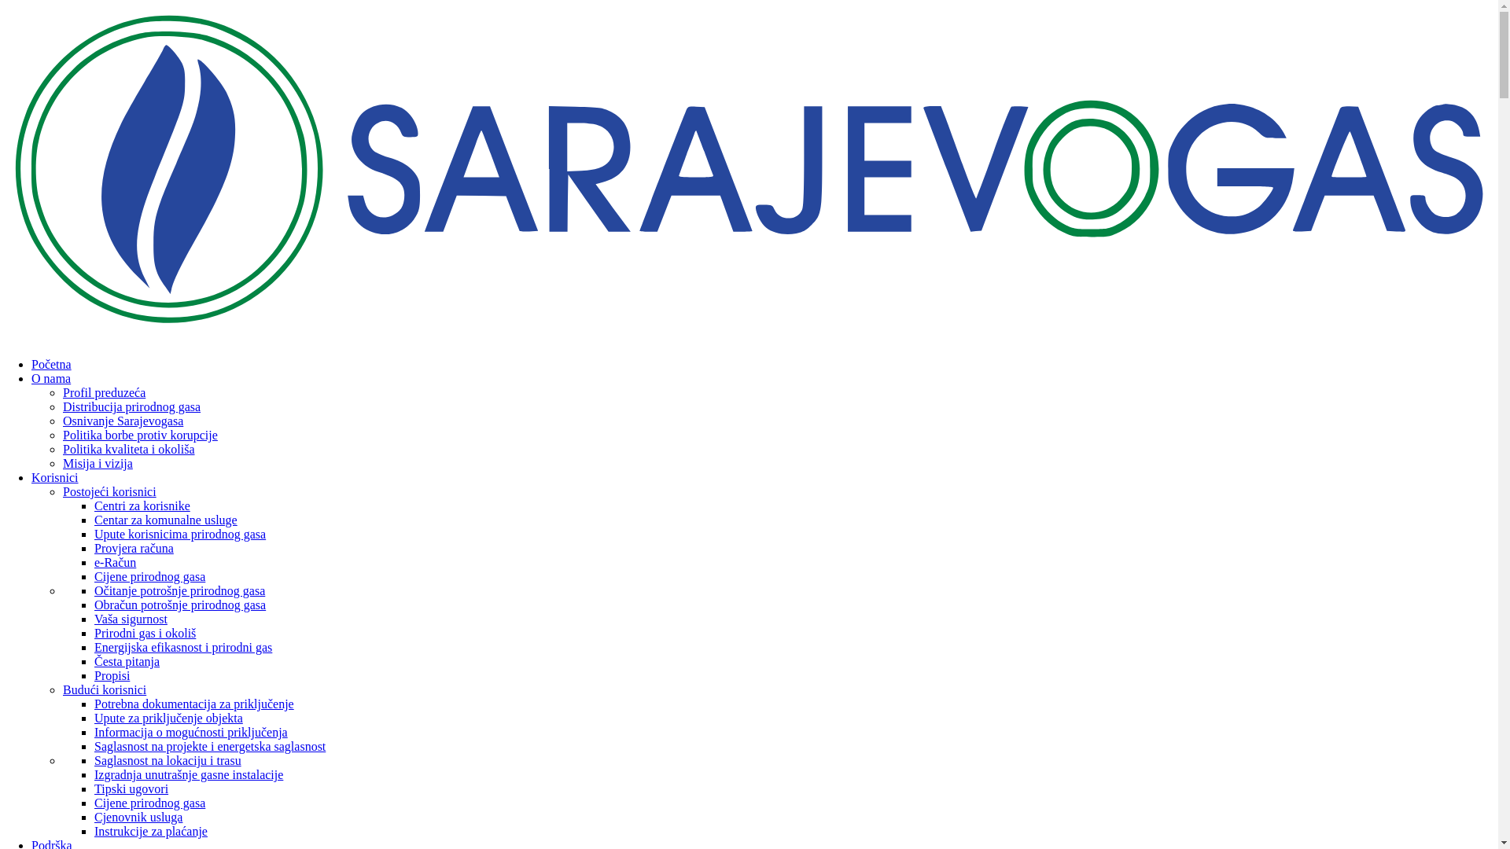 This screenshot has width=1510, height=849. What do you see at coordinates (168, 759) in the screenshot?
I see `'Saglasnost na lokaciju i trasu'` at bounding box center [168, 759].